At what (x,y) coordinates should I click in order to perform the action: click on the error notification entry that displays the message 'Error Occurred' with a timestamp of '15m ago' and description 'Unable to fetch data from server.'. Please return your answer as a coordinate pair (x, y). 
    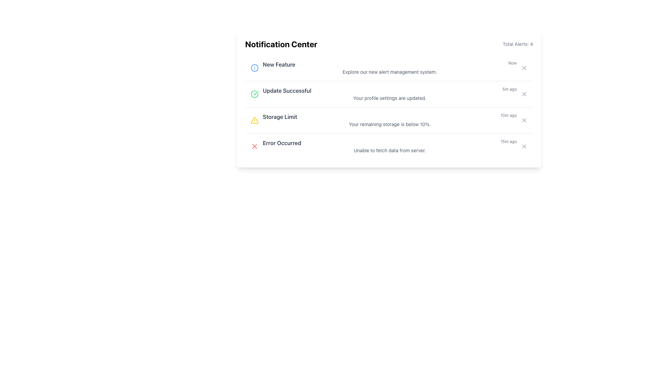
    Looking at the image, I should click on (389, 146).